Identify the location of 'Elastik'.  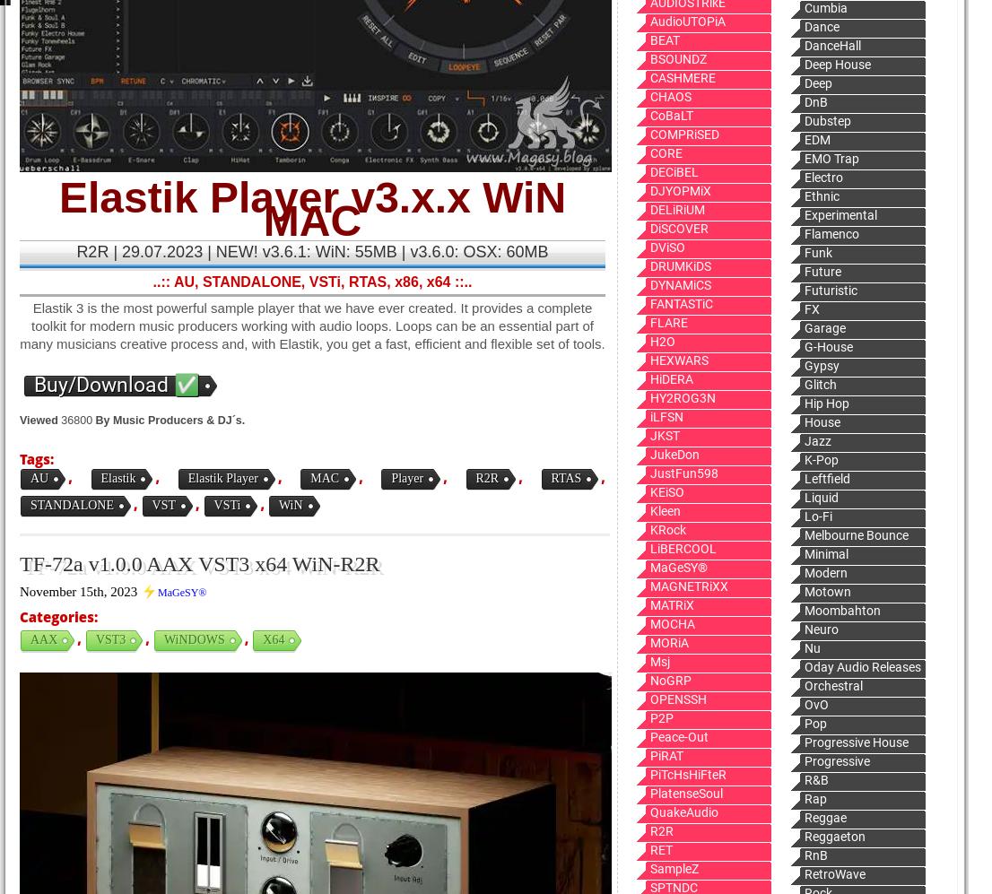
(117, 477).